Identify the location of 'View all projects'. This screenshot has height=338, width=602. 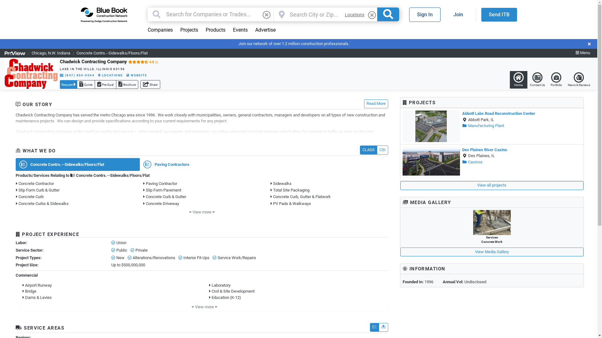
(492, 185).